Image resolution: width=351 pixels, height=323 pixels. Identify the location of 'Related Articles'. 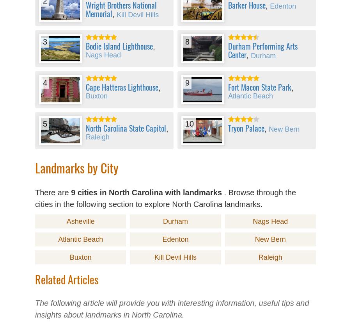
(35, 279).